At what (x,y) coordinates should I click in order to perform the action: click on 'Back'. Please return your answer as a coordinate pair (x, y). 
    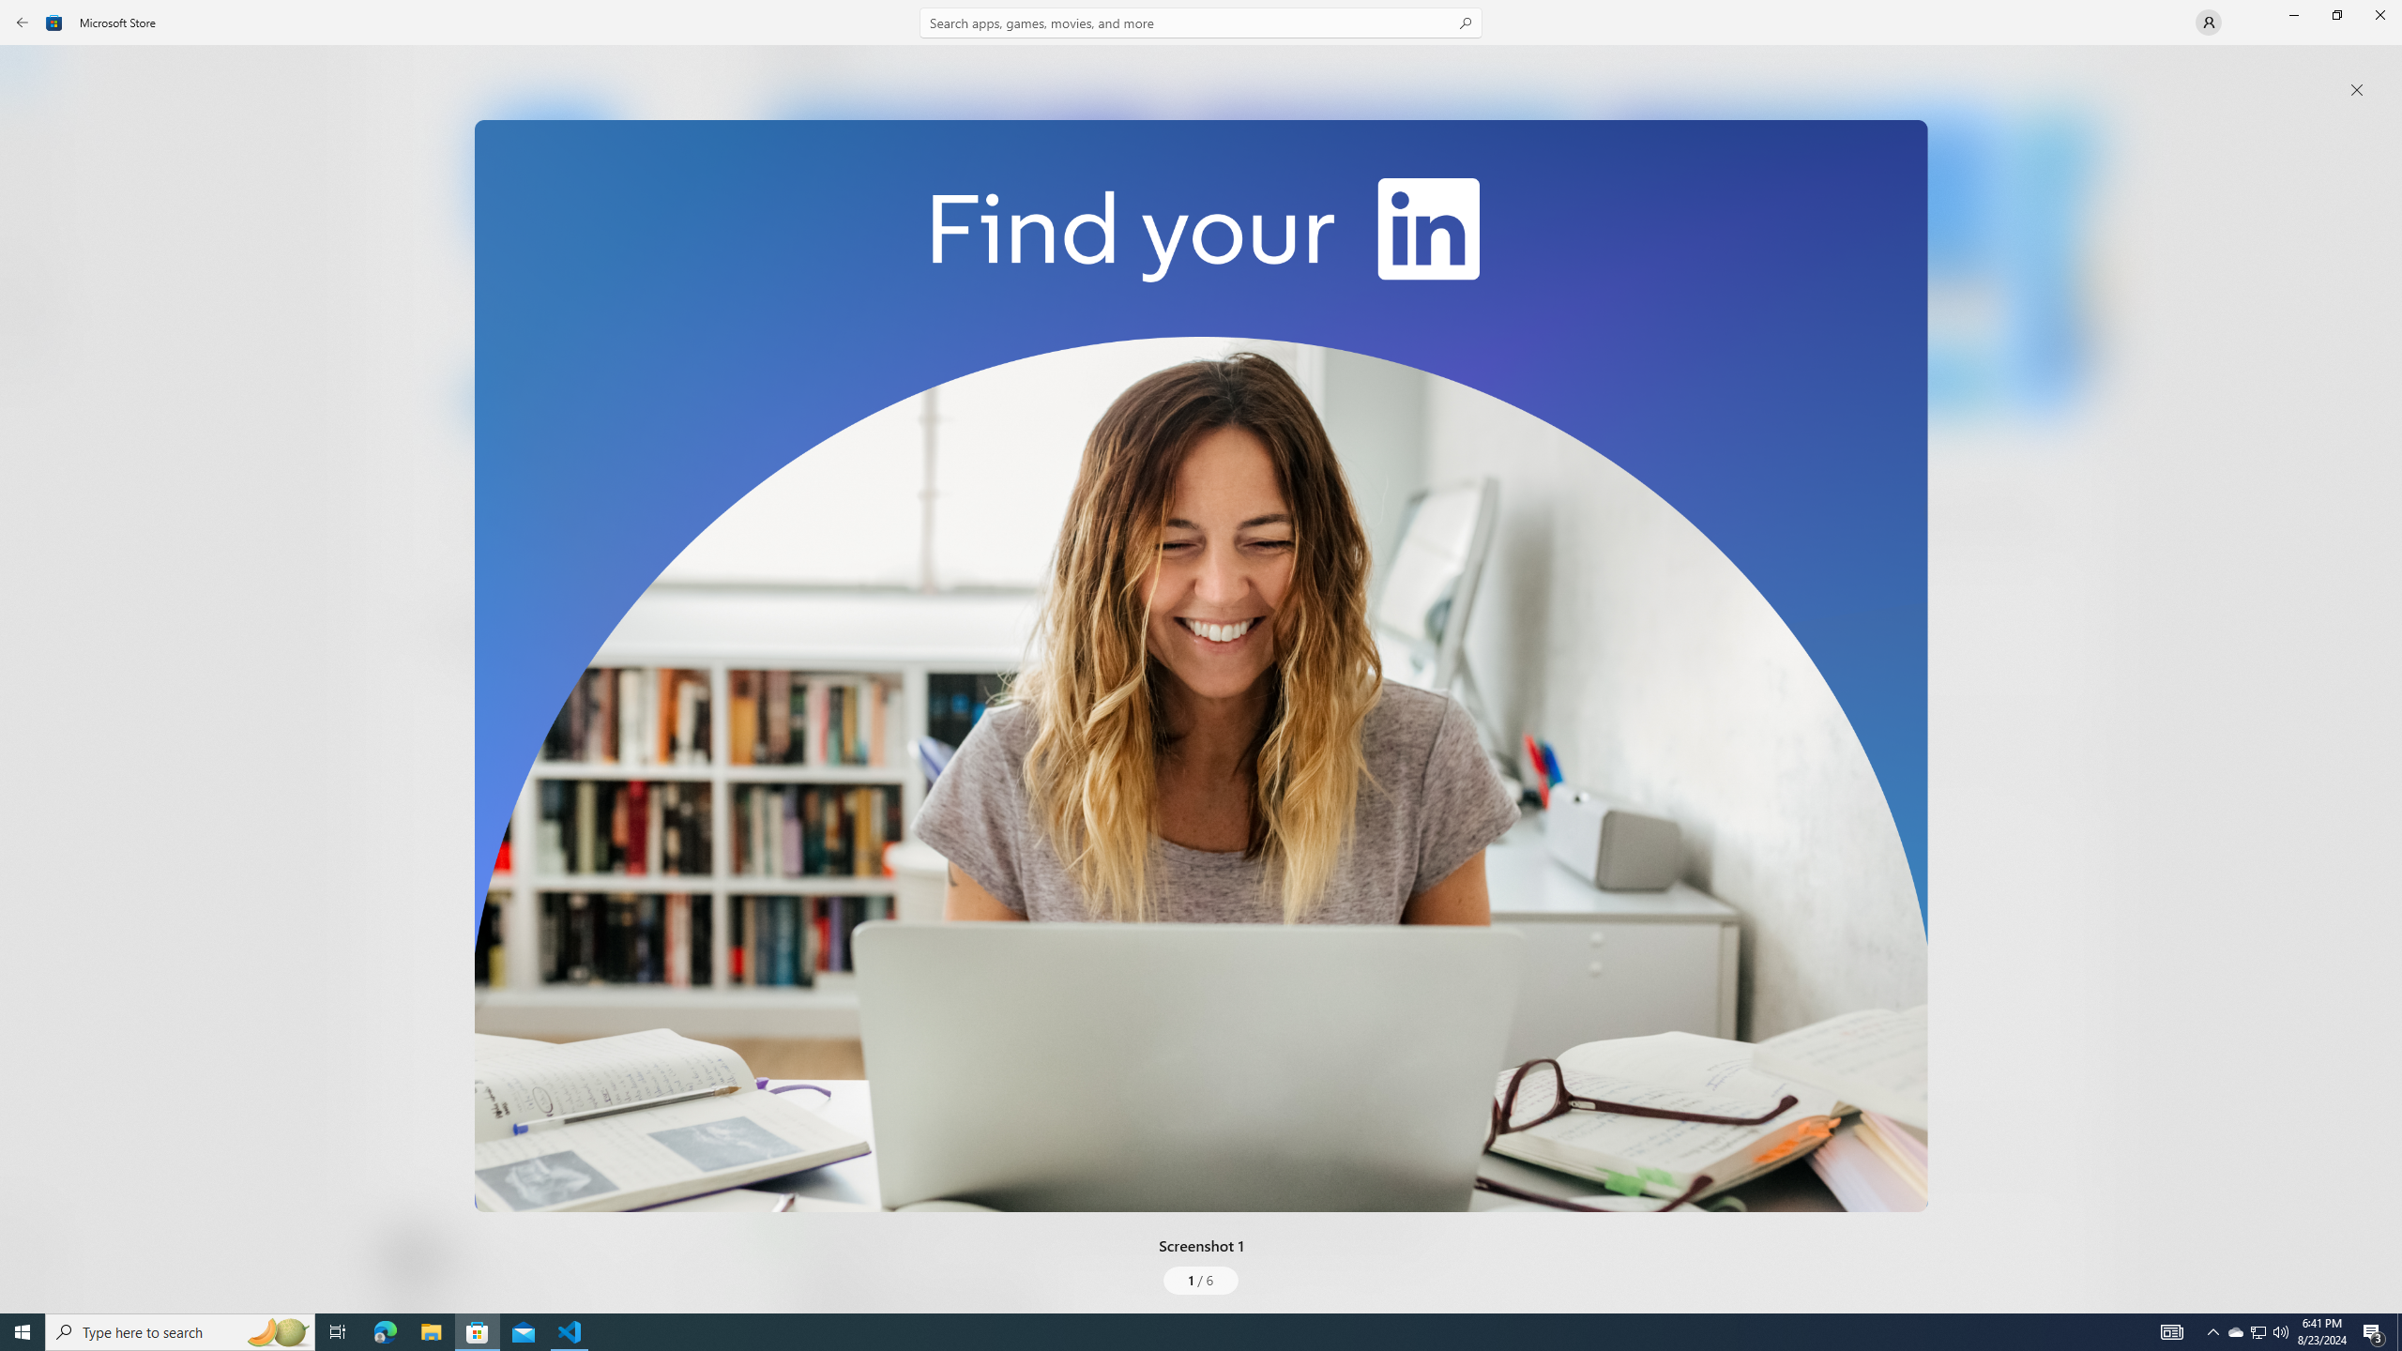
    Looking at the image, I should click on (23, 21).